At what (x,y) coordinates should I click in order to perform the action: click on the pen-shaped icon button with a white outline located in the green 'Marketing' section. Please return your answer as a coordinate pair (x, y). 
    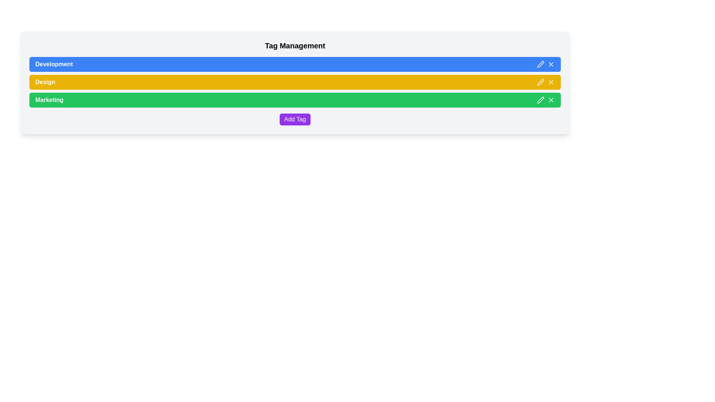
    Looking at the image, I should click on (540, 100).